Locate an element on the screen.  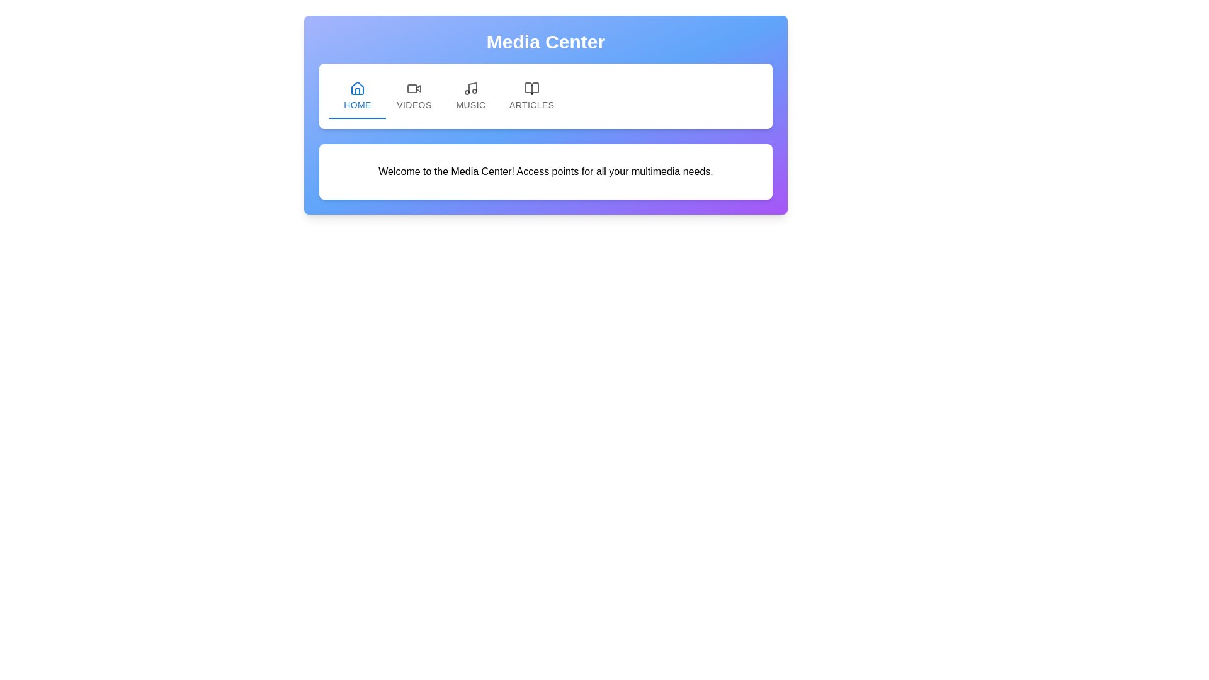
the visual indicator representing the currently active 'Home' tab in the navigation bar is located at coordinates (356, 118).